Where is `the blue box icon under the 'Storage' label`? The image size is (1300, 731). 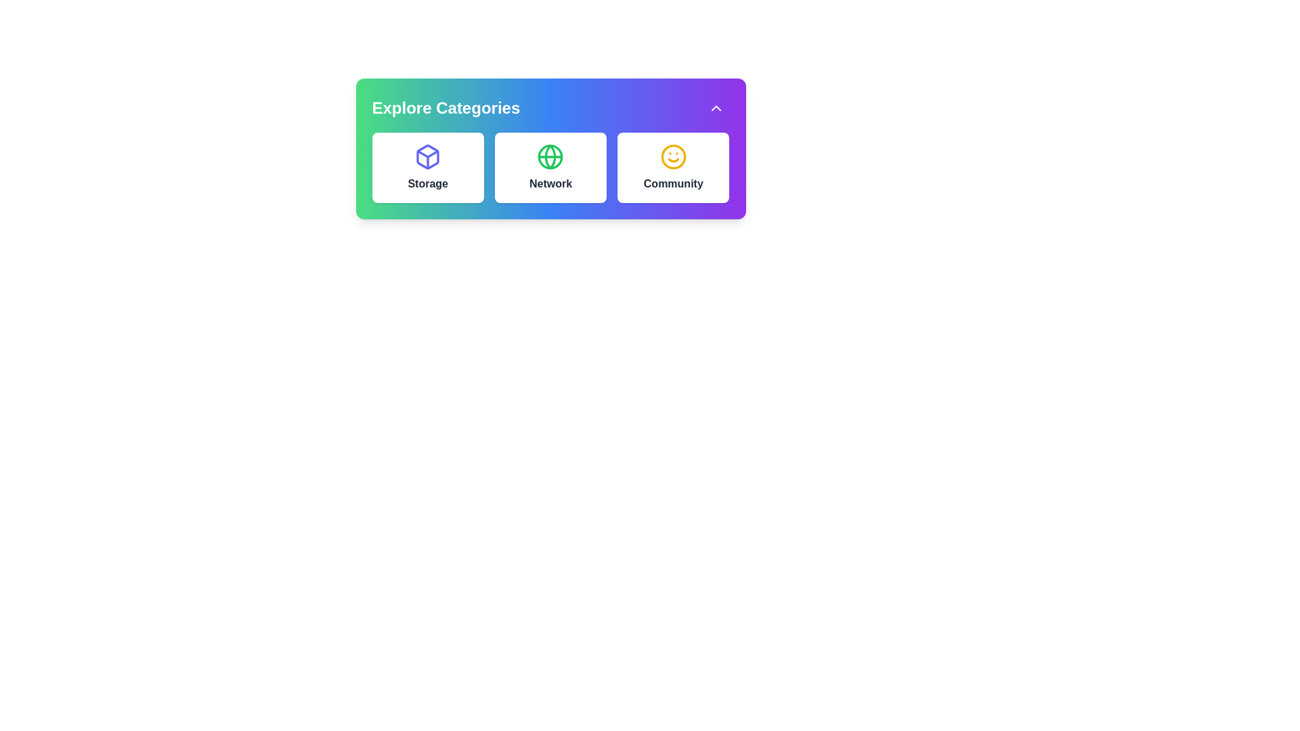
the blue box icon under the 'Storage' label is located at coordinates (427, 156).